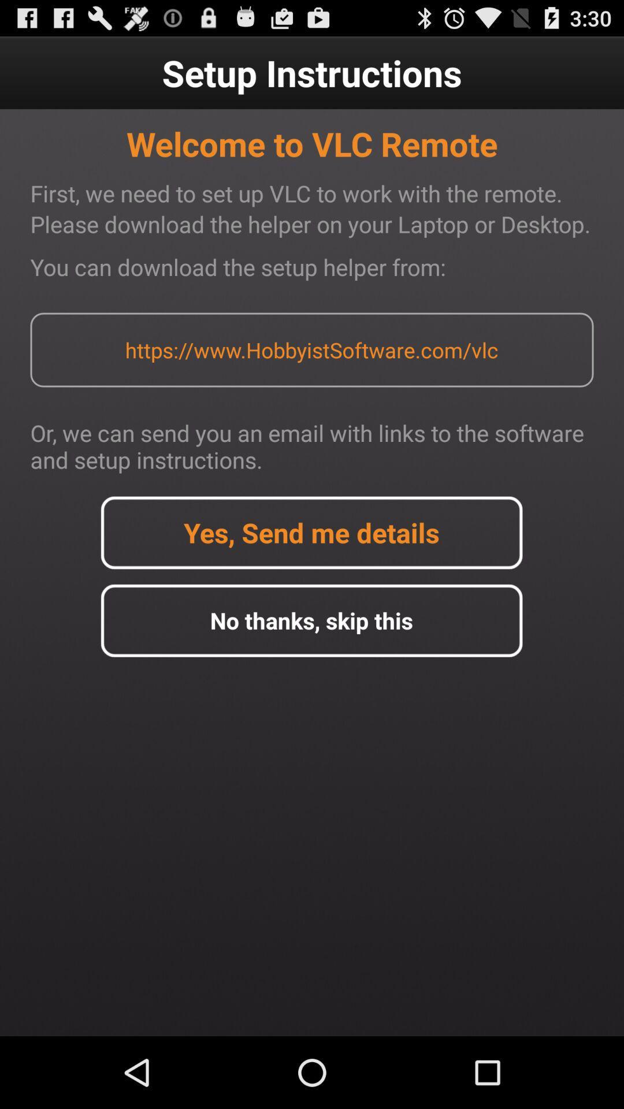 This screenshot has height=1109, width=624. I want to click on detail option, so click(311, 532).